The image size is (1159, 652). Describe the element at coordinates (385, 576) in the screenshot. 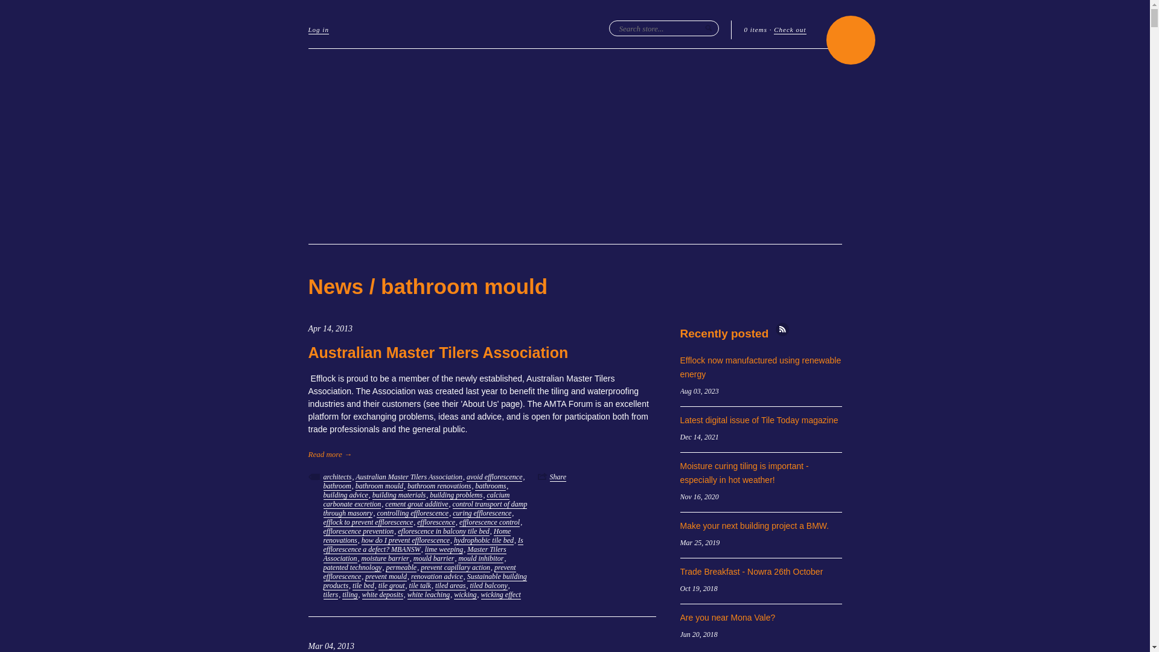

I see `'prevent mould'` at that location.